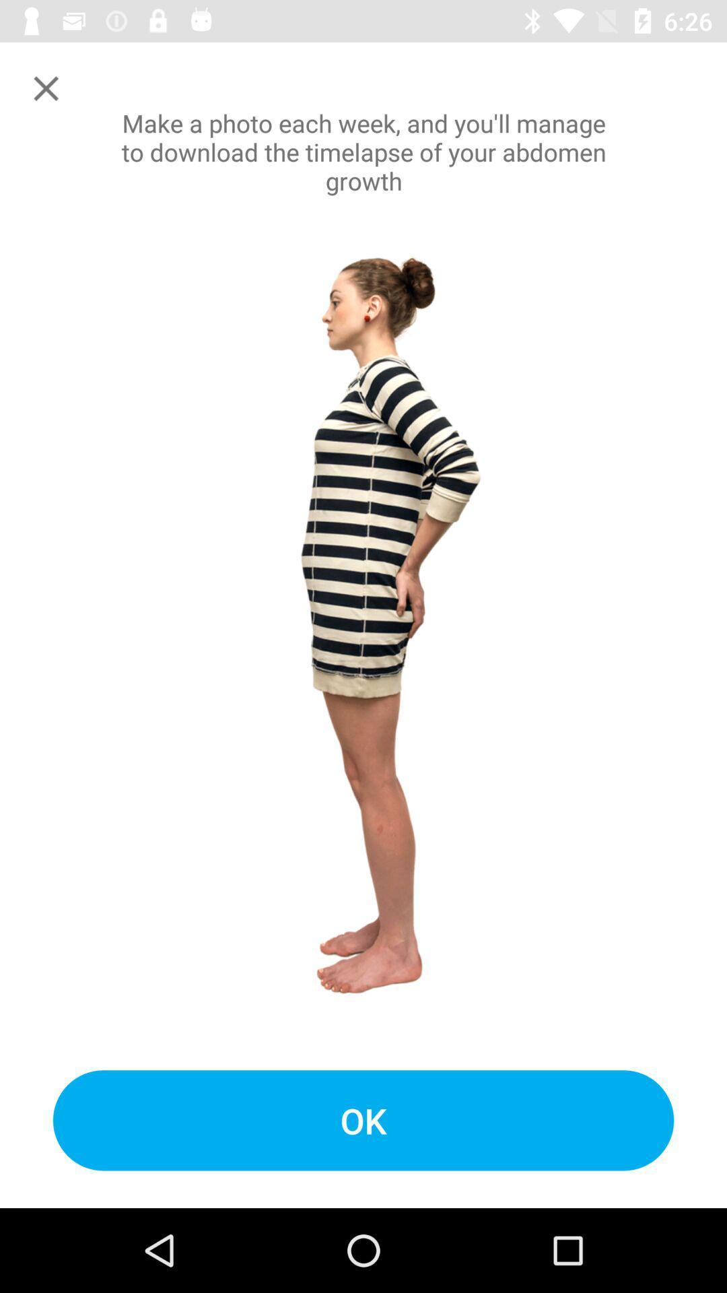 The height and width of the screenshot is (1293, 727). What do you see at coordinates (45, 88) in the screenshot?
I see `close` at bounding box center [45, 88].